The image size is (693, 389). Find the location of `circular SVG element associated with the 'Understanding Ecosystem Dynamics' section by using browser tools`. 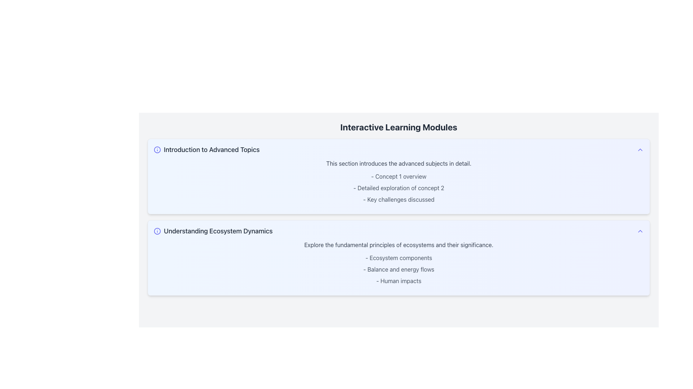

circular SVG element associated with the 'Understanding Ecosystem Dynamics' section by using browser tools is located at coordinates (157, 231).